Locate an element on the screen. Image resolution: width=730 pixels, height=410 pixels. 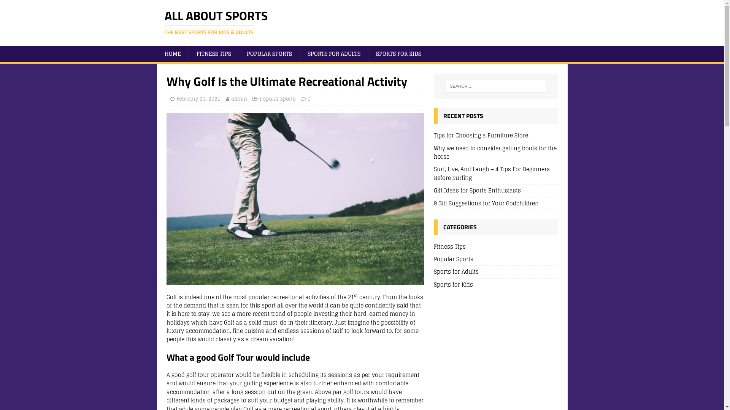
'Search' is located at coordinates (29, 6).